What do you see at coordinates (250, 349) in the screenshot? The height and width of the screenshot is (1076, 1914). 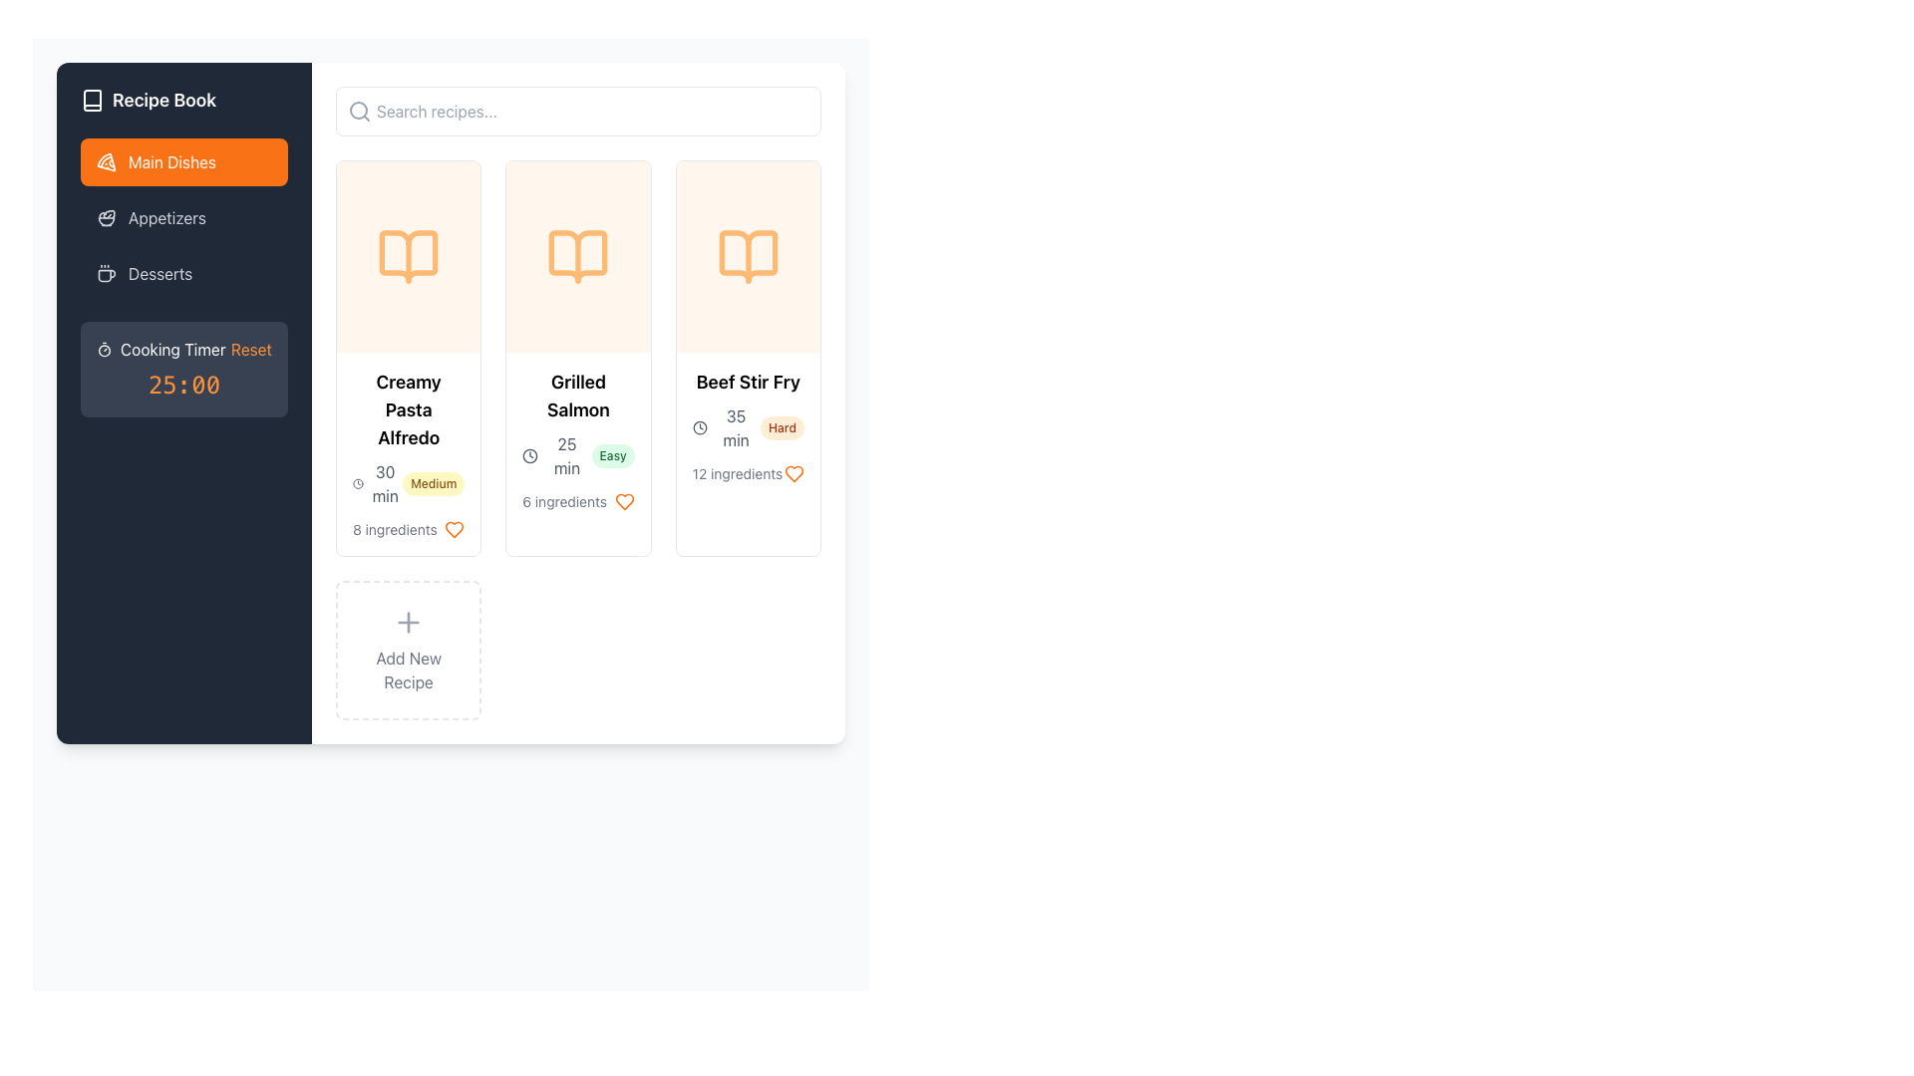 I see `the button located at the right side of the 'Cooking Timer' section to reset the timer` at bounding box center [250, 349].